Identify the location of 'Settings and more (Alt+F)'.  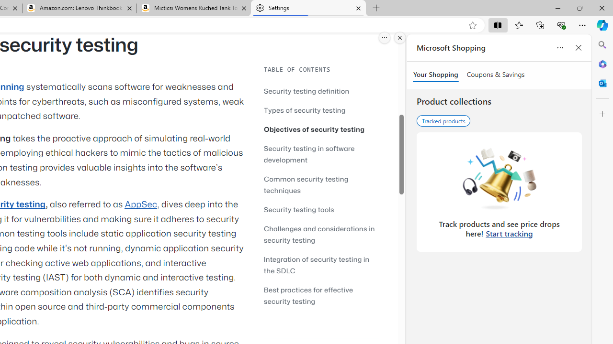
(582, 24).